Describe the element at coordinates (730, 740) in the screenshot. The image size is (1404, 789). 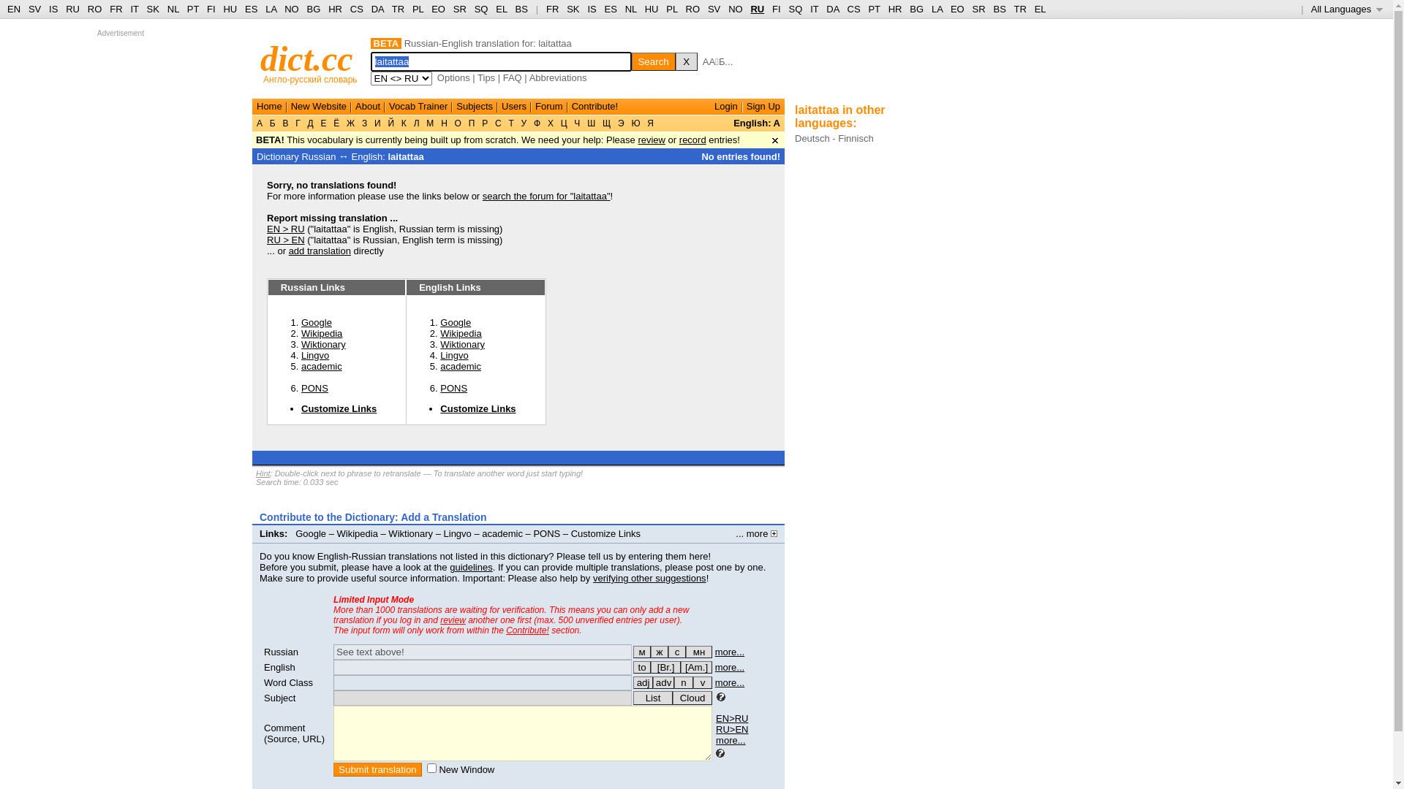
I see `'more...'` at that location.